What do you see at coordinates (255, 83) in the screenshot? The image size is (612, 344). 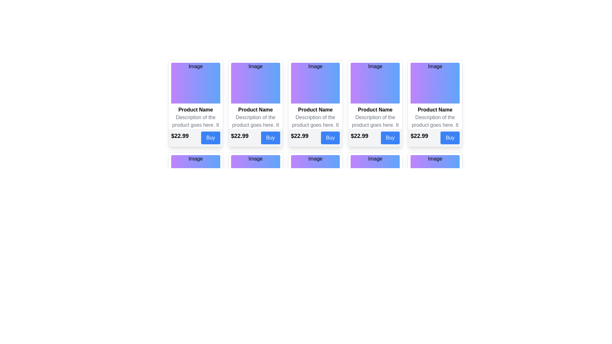 I see `image placeholder element, which is a rectangular shape with a gradient background transitioning from purple to blue, containing the word 'Image' centered at the top` at bounding box center [255, 83].